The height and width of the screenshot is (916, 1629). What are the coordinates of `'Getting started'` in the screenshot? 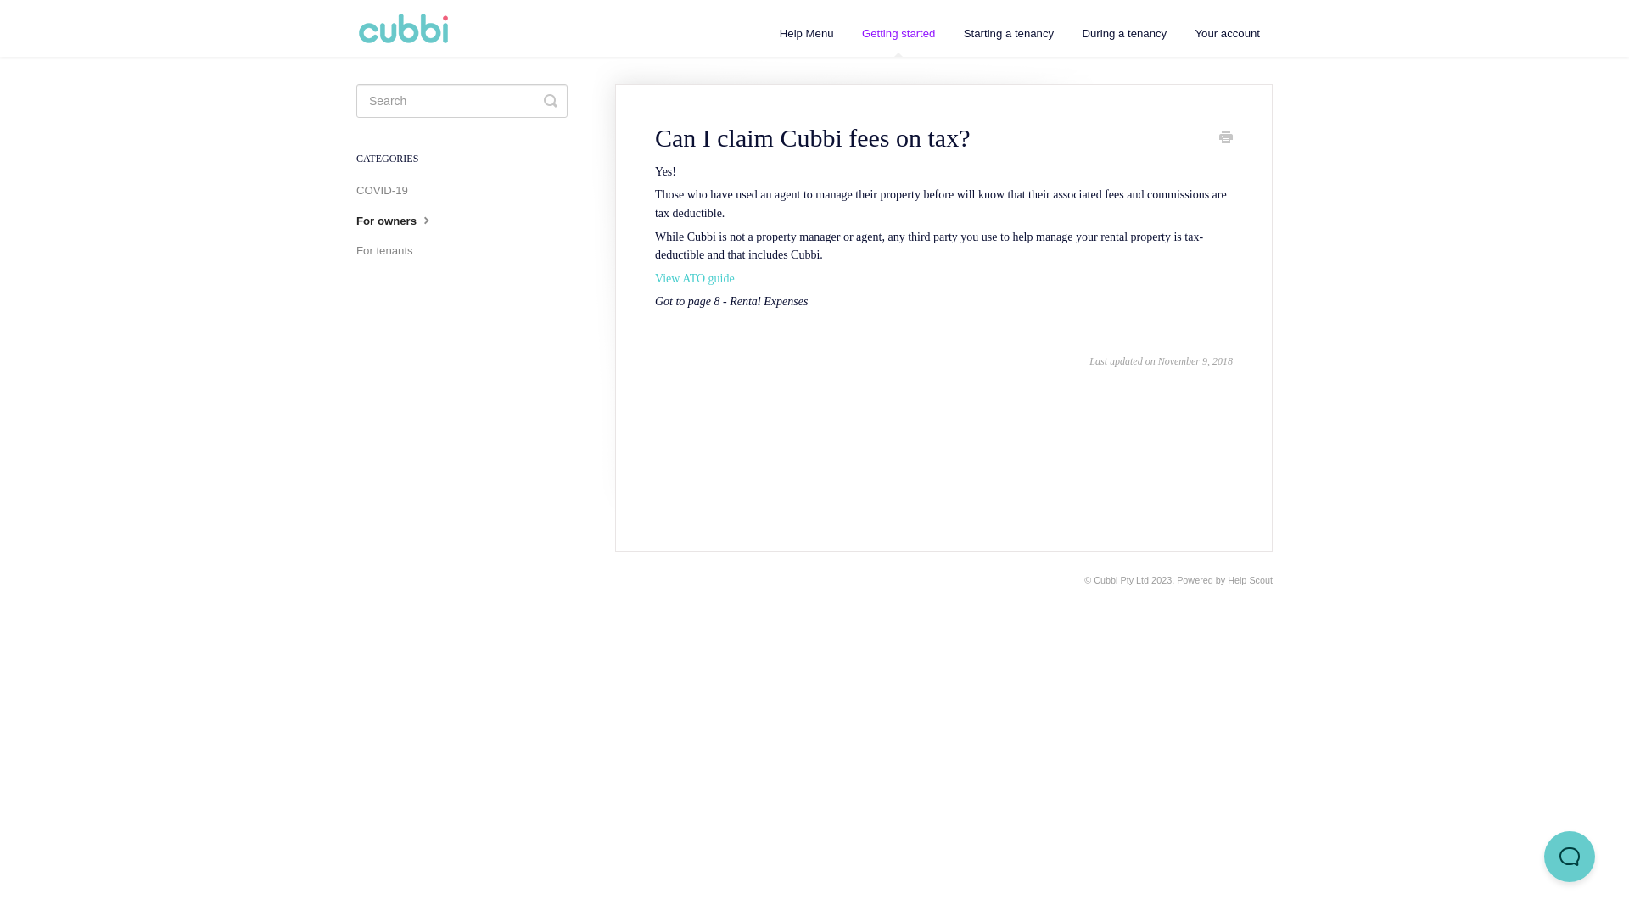 It's located at (898, 33).